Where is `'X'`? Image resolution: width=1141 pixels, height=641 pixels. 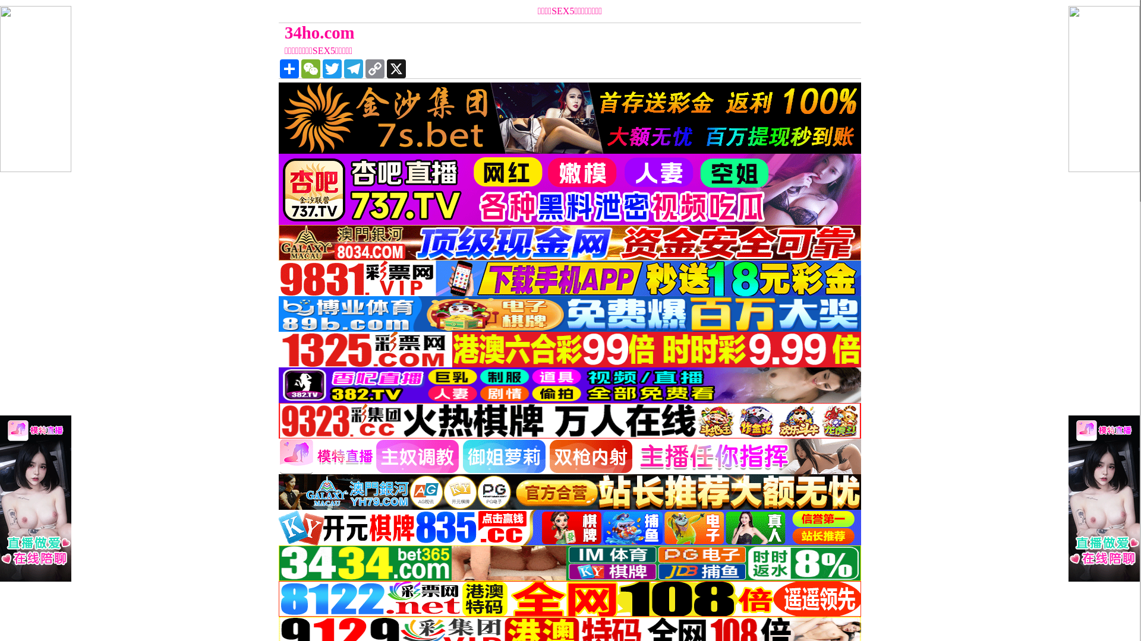 'X' is located at coordinates (385, 68).